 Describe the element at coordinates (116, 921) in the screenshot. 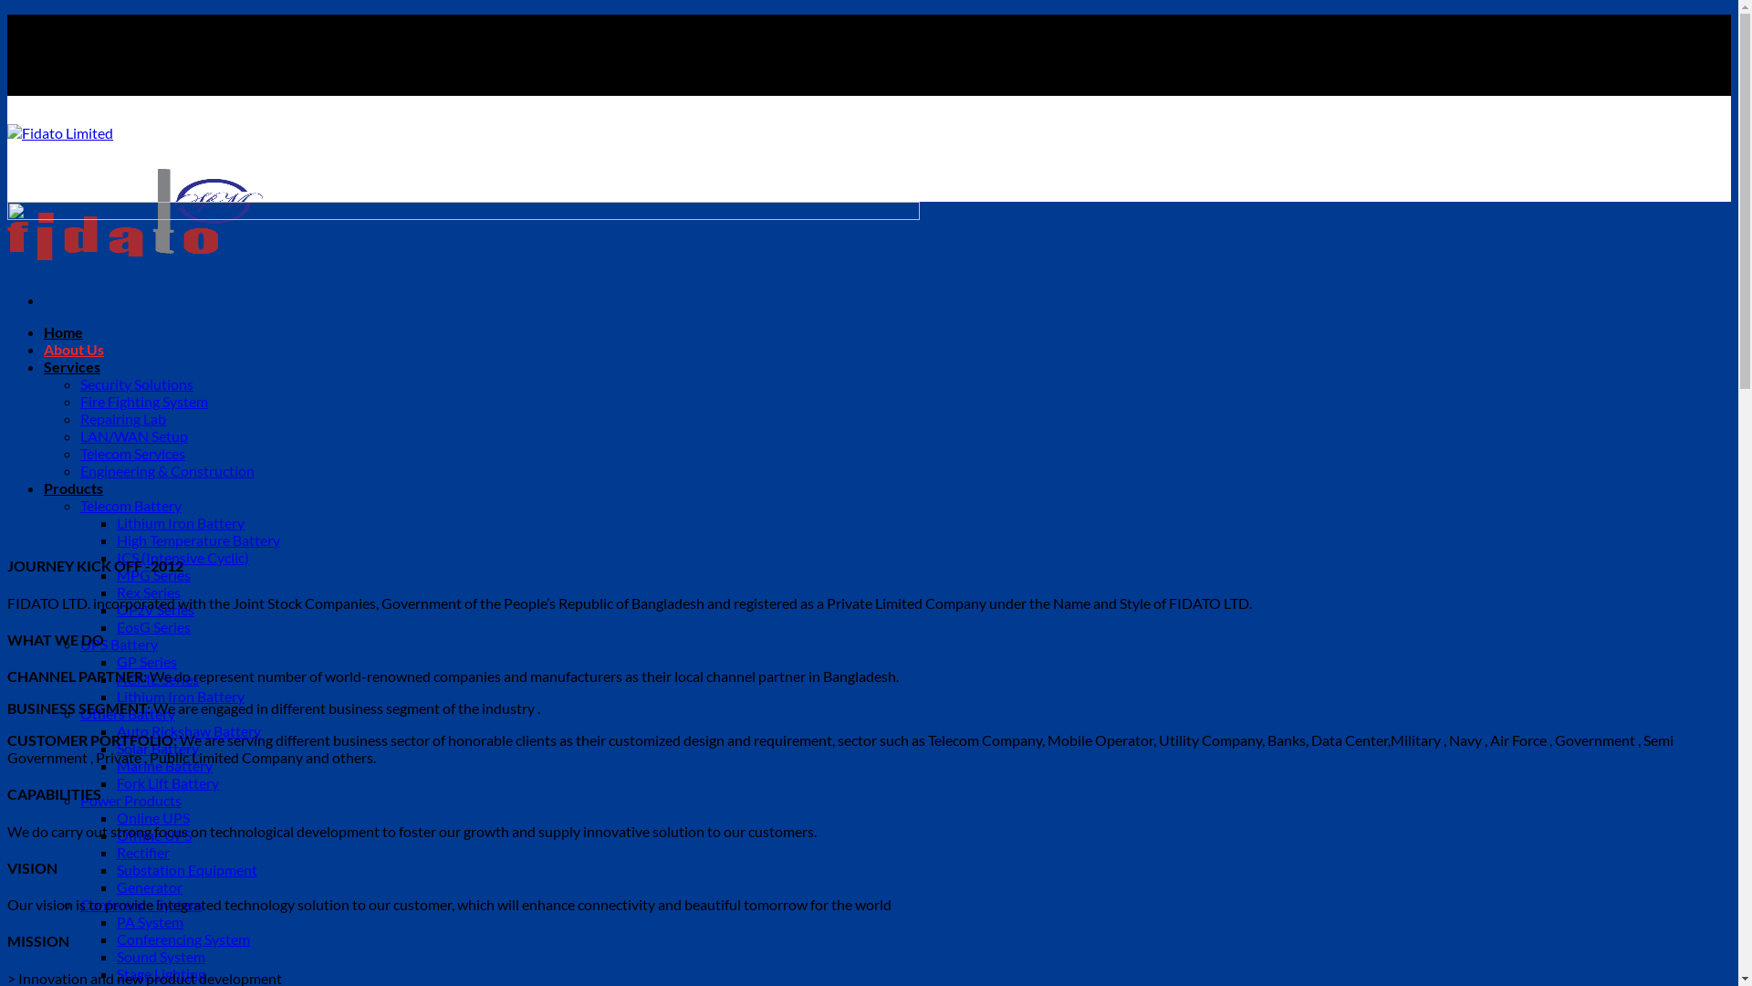

I see `'PA System'` at that location.